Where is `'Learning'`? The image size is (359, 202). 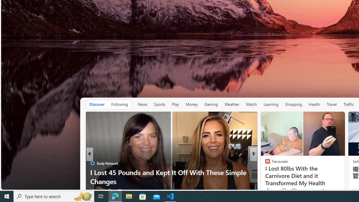
'Learning' is located at coordinates (271, 104).